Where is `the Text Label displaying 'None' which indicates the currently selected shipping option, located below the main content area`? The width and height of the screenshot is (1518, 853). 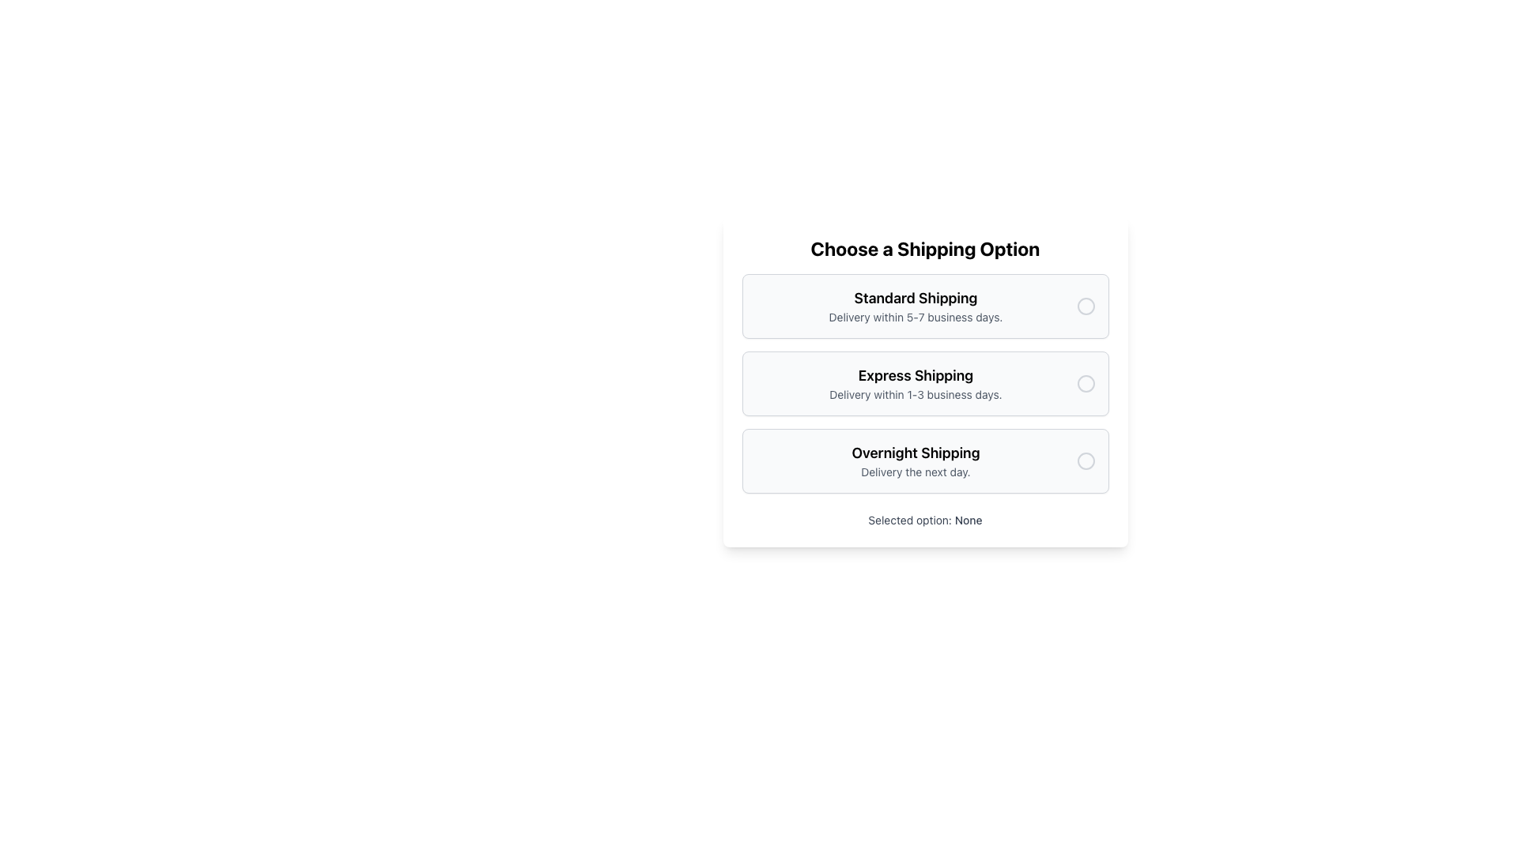
the Text Label displaying 'None' which indicates the currently selected shipping option, located below the main content area is located at coordinates (968, 520).